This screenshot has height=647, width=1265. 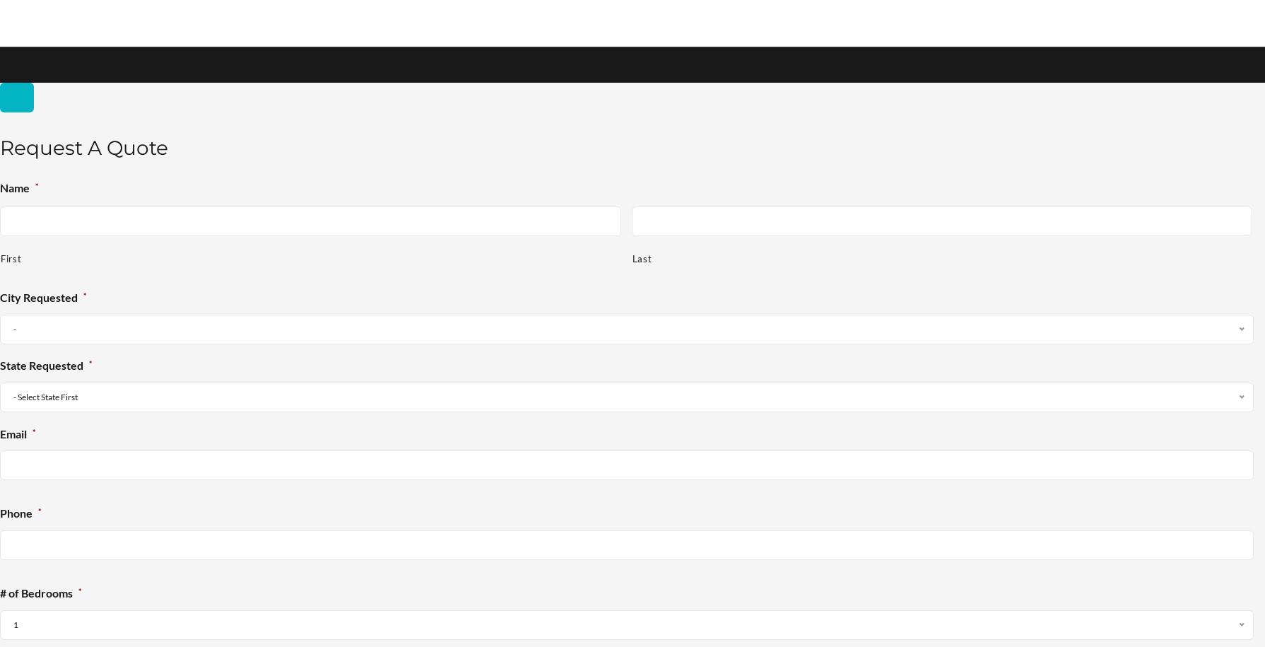 I want to click on 'Name', so click(x=14, y=187).